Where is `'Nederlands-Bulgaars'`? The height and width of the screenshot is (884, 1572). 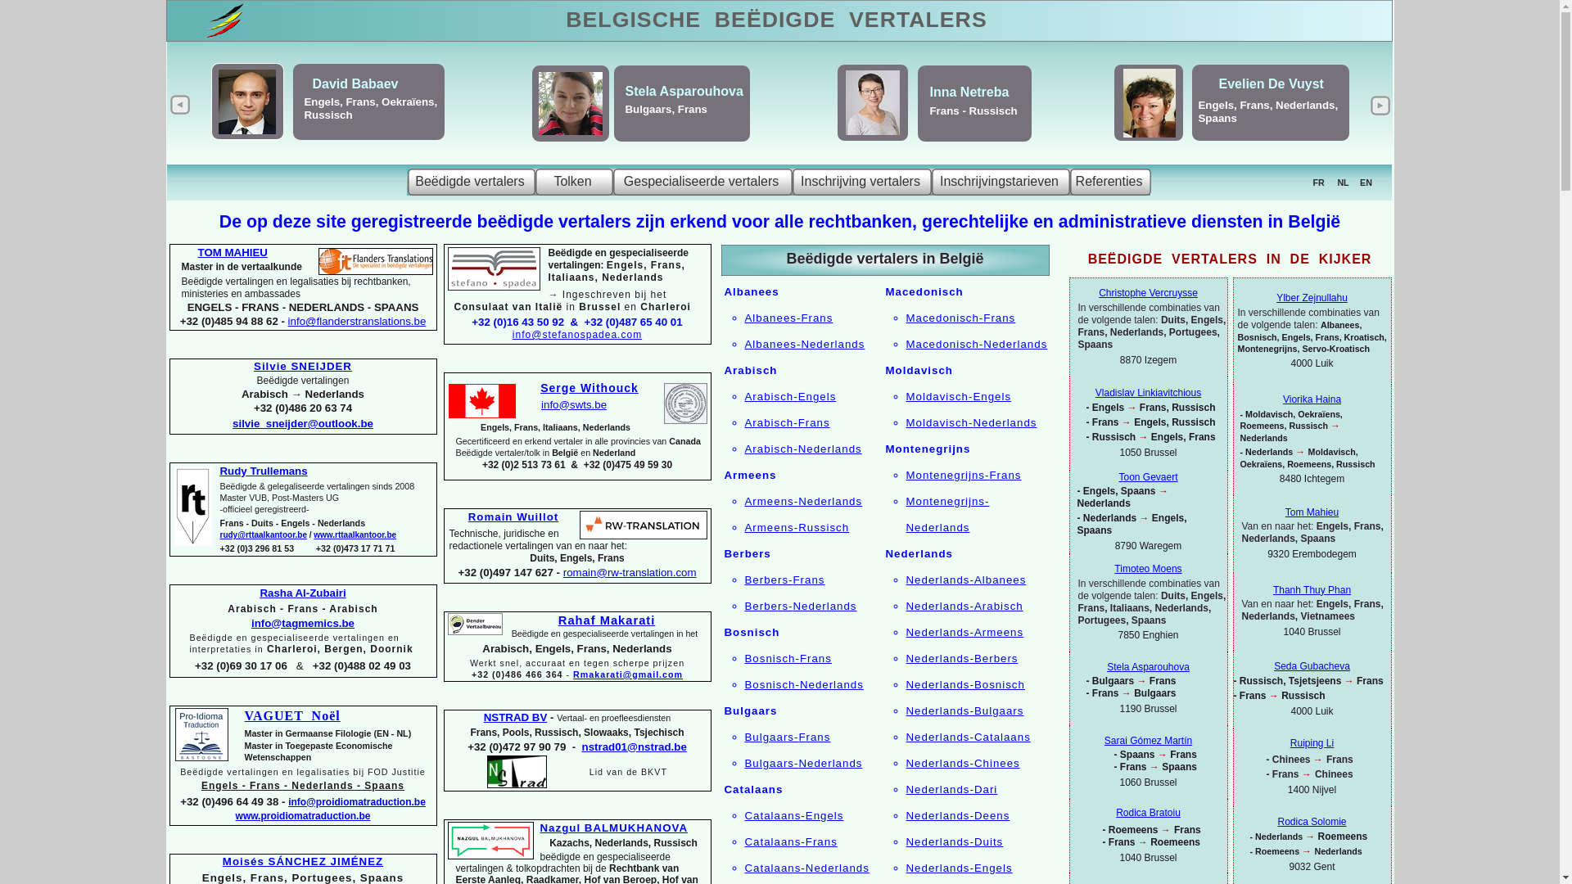
'Nederlands-Bulgaars' is located at coordinates (964, 710).